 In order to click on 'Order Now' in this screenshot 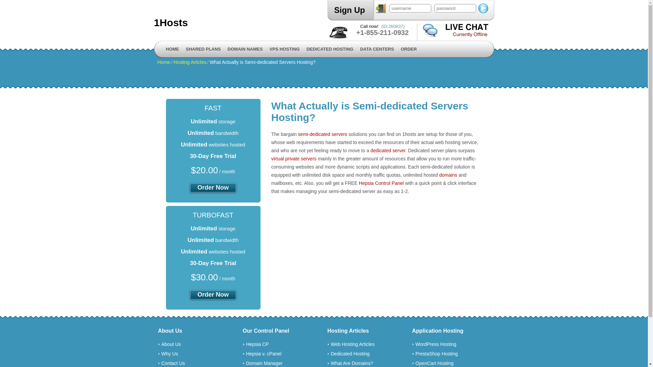, I will do `click(212, 188)`.